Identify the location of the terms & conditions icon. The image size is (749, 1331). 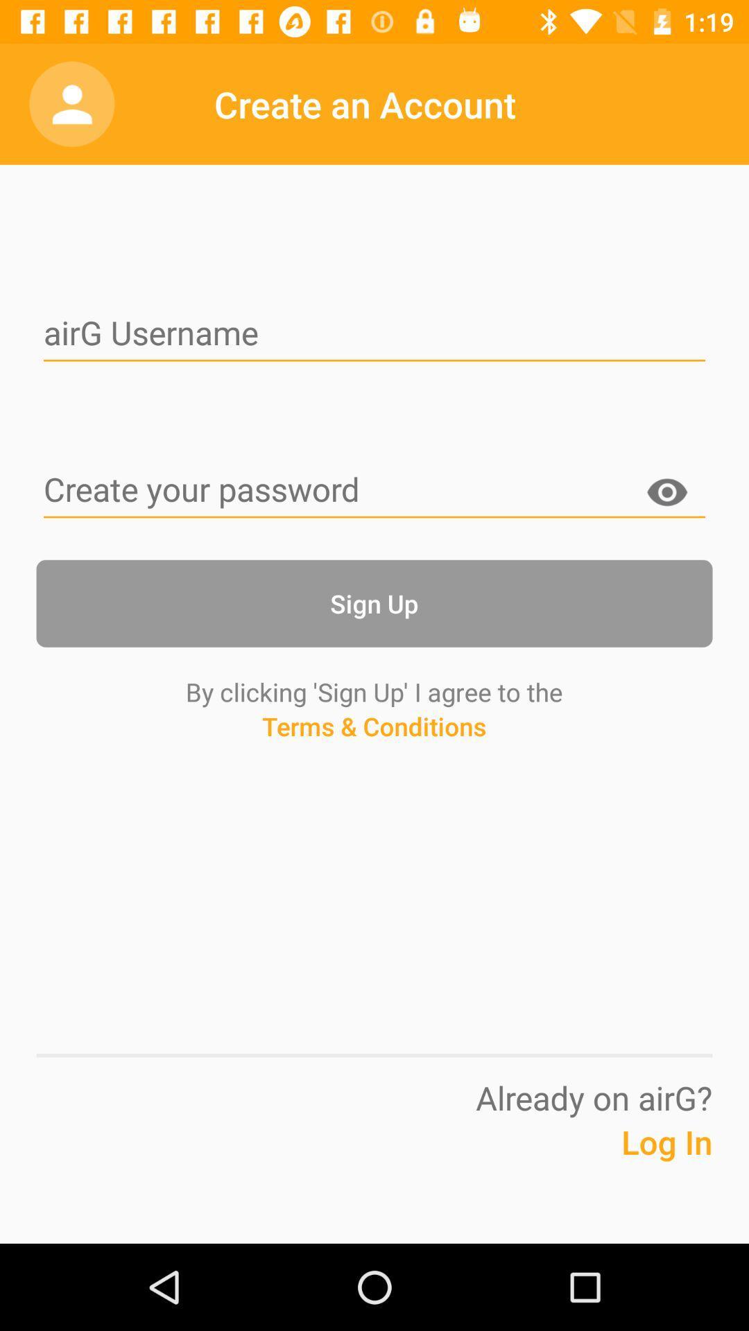
(373, 751).